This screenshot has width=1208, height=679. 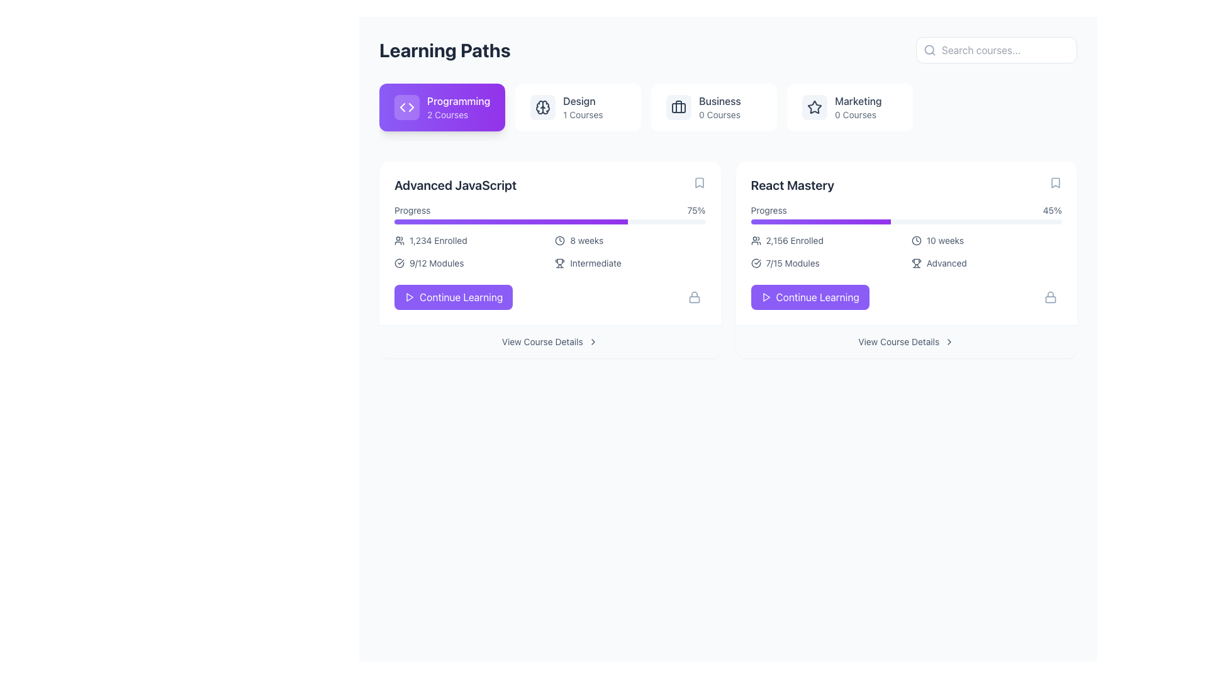 What do you see at coordinates (714, 106) in the screenshot?
I see `the 'Business' button` at bounding box center [714, 106].